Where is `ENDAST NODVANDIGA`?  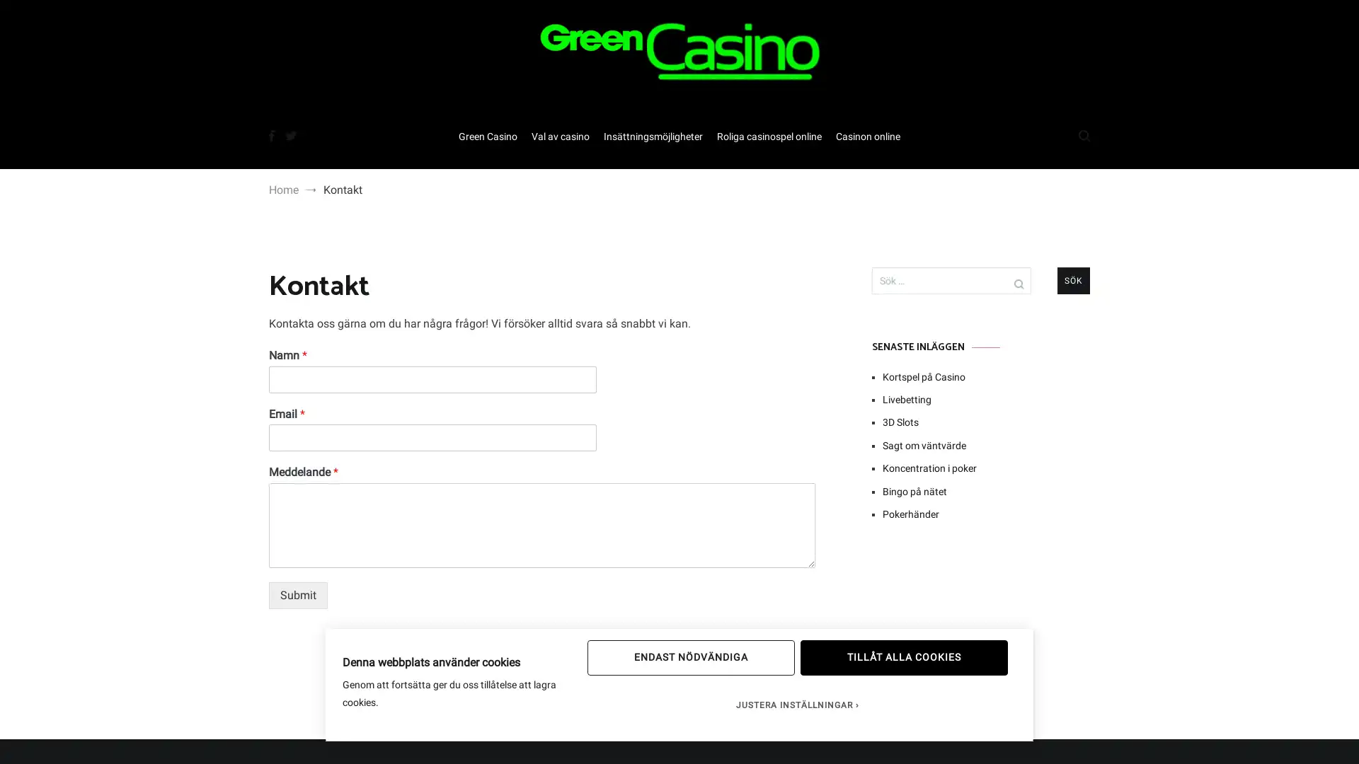 ENDAST NODVANDIGA is located at coordinates (690, 657).